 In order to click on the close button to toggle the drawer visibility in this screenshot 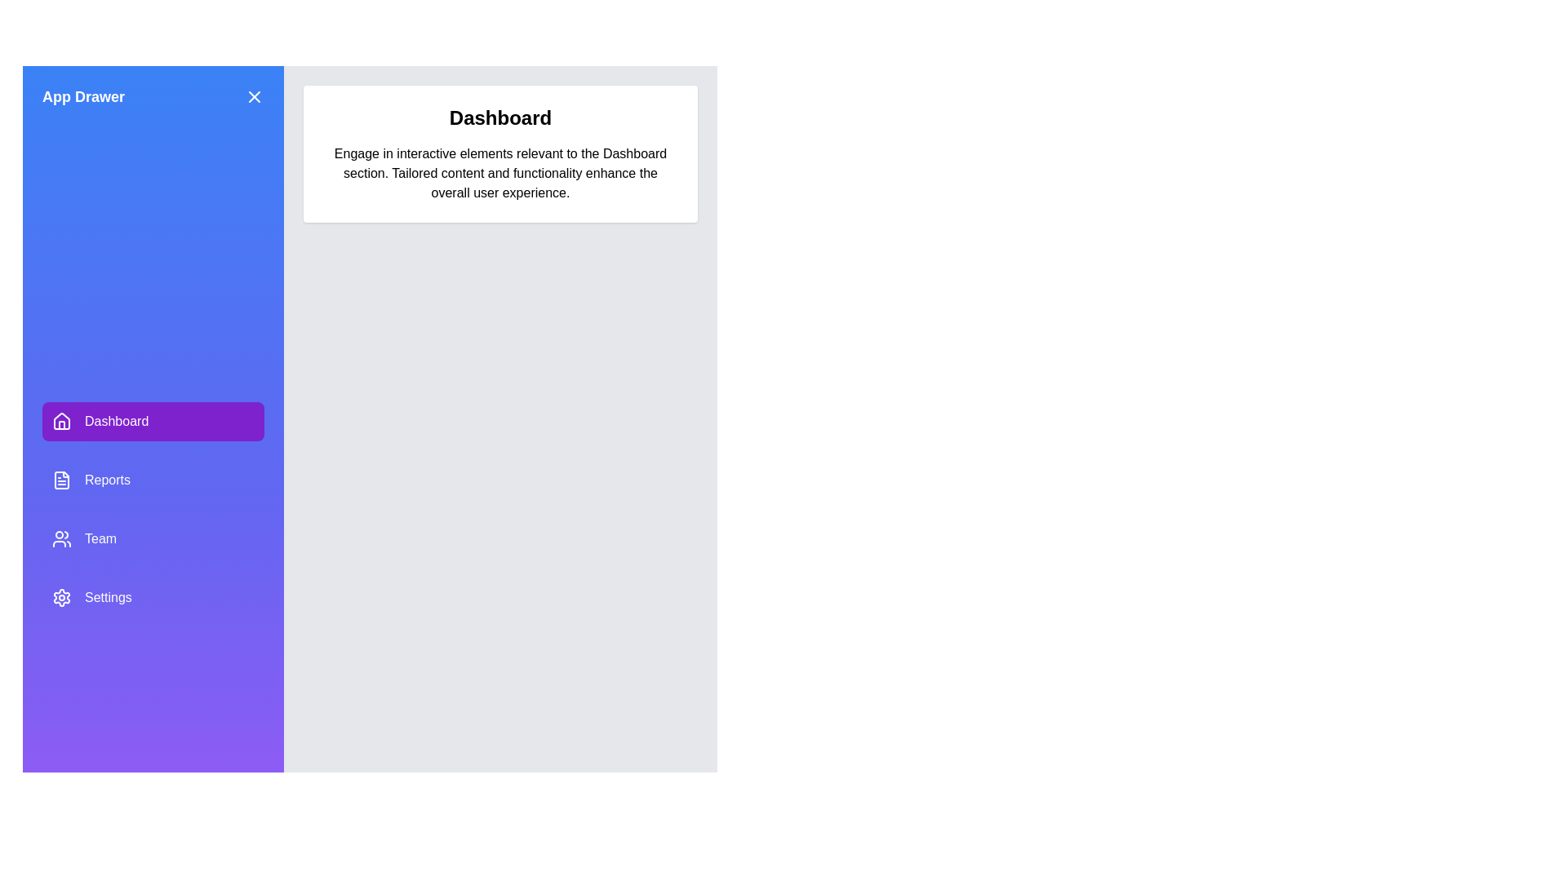, I will do `click(254, 97)`.